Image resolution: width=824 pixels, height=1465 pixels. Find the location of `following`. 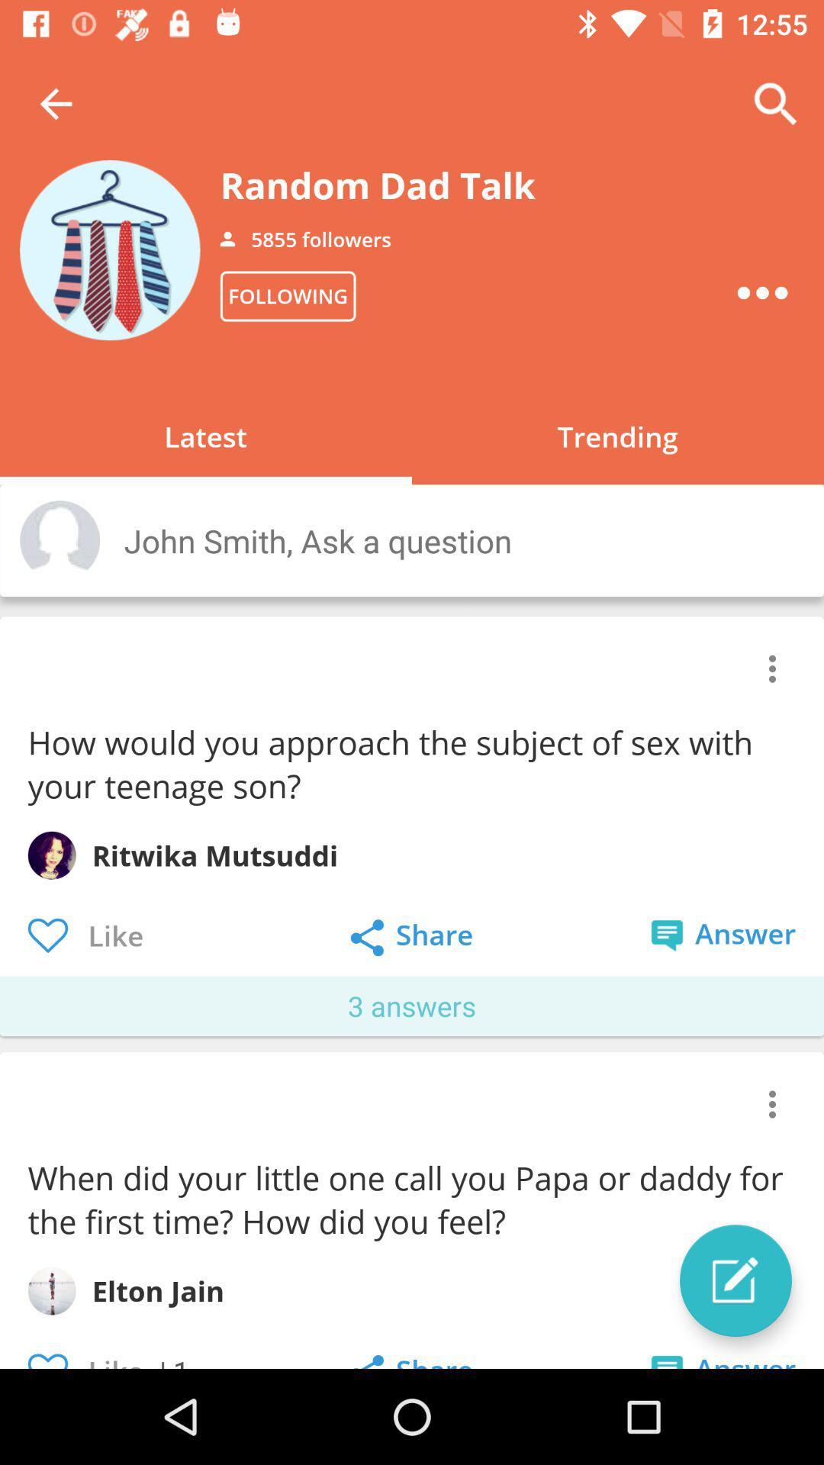

following is located at coordinates (288, 296).